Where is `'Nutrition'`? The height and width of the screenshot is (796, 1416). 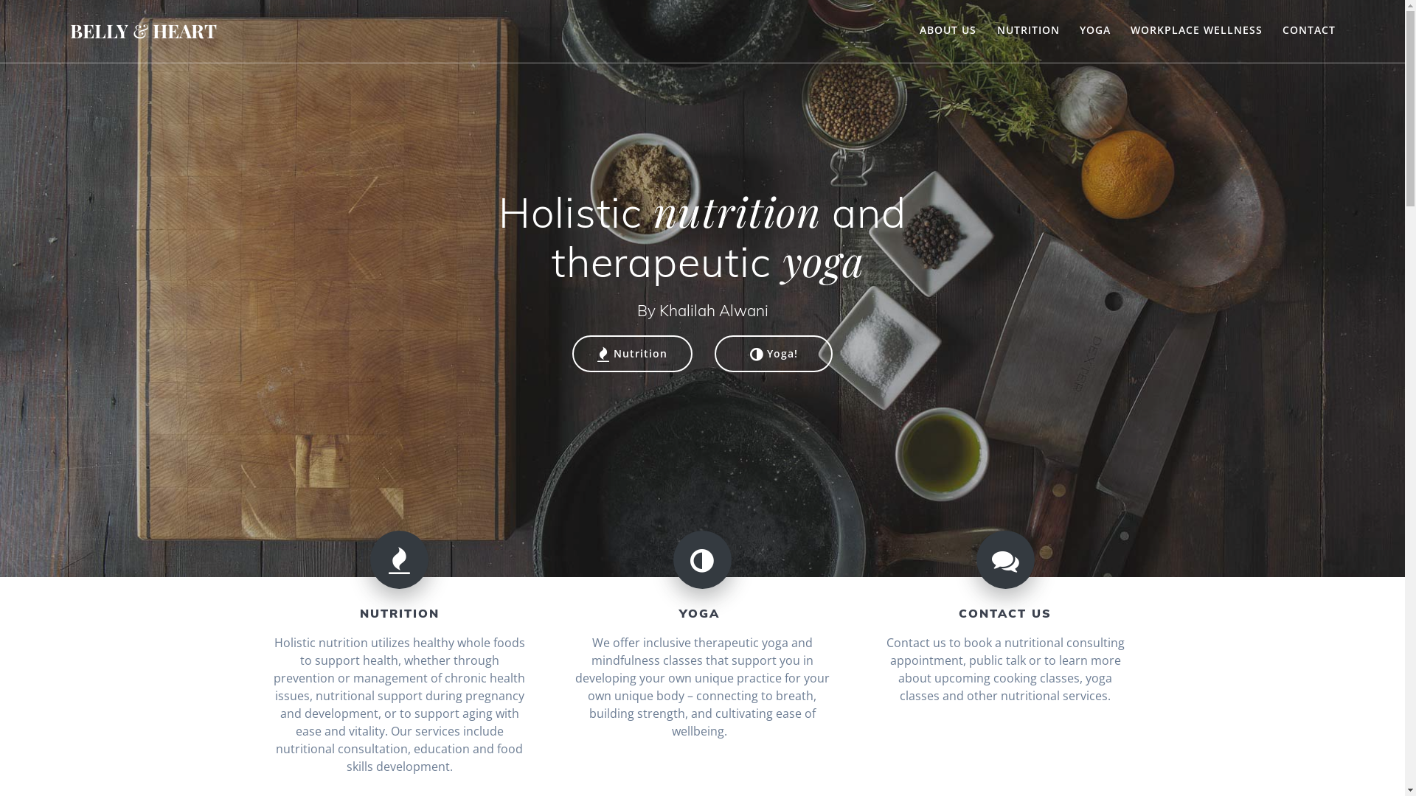 'Nutrition' is located at coordinates (632, 353).